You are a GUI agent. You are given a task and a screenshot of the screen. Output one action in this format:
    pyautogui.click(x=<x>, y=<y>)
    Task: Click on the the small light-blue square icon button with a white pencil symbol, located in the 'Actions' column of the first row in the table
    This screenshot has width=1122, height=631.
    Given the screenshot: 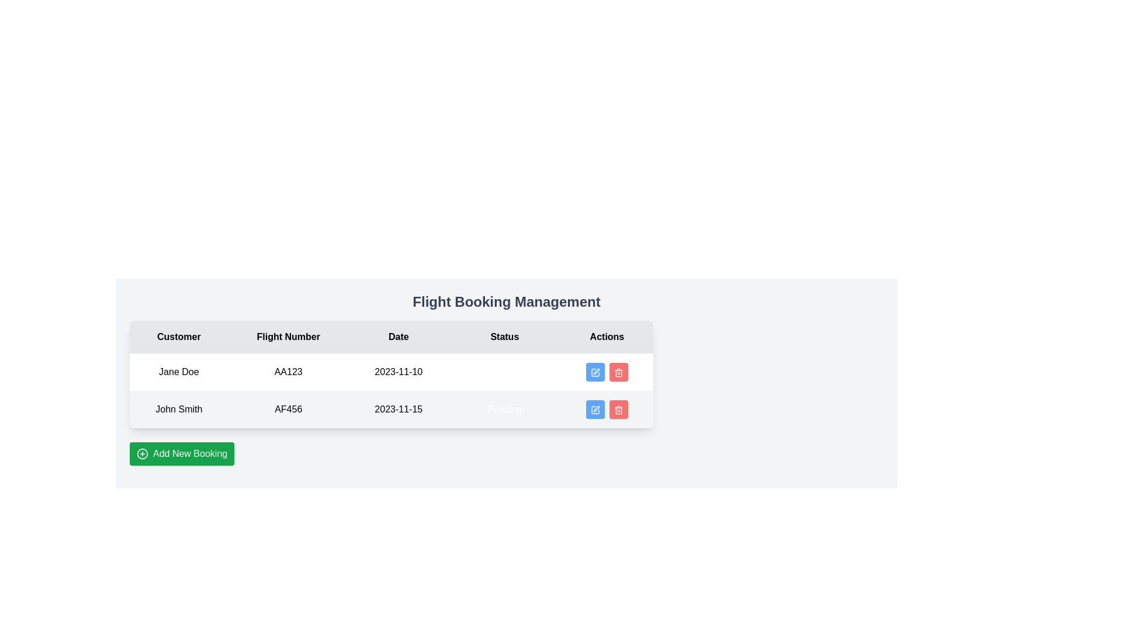 What is the action you would take?
    pyautogui.click(x=595, y=372)
    